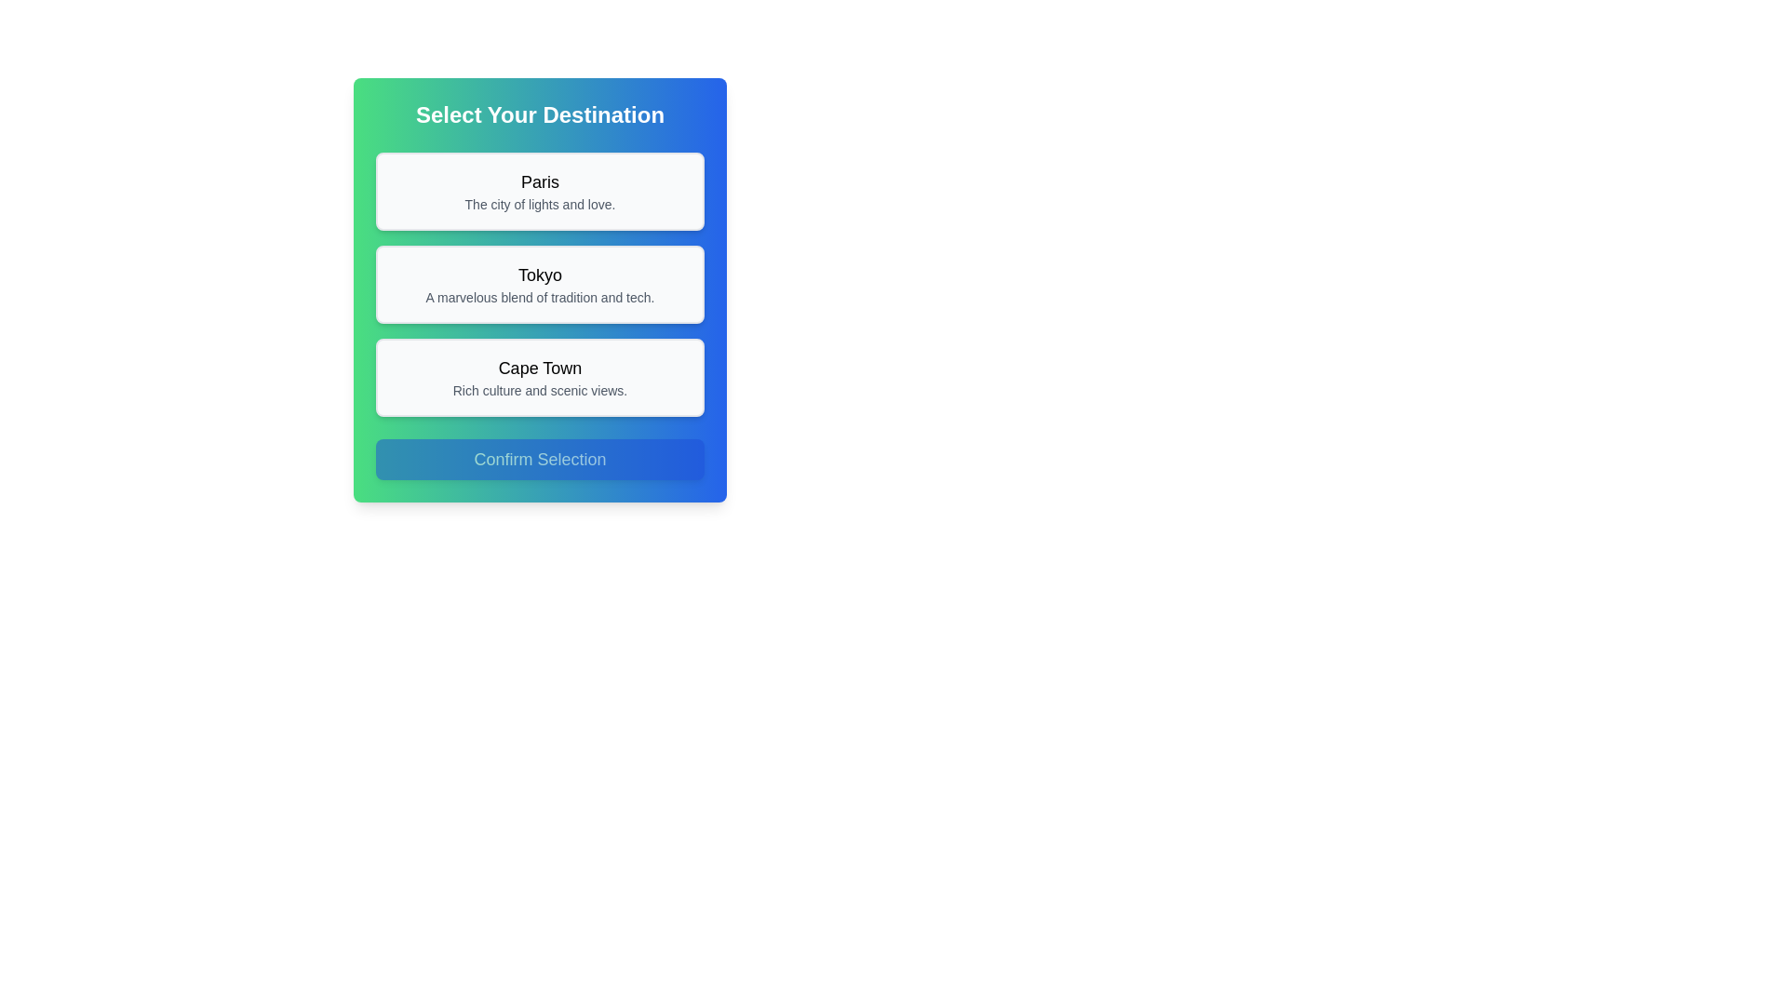  Describe the element at coordinates (539, 459) in the screenshot. I see `the confirmation button located at the bottom of the destination selection card to confirm the user's choice` at that location.